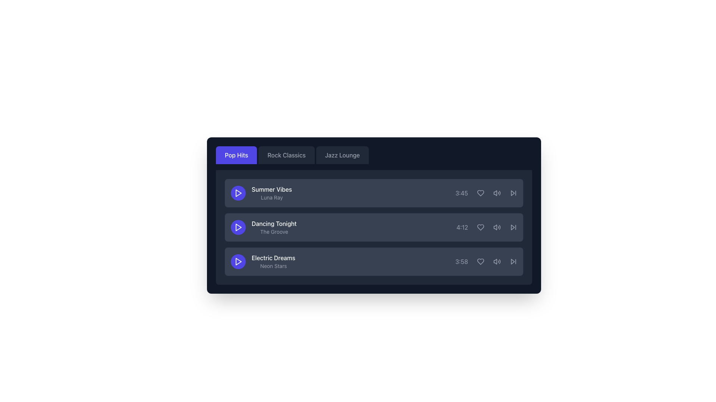  Describe the element at coordinates (512, 193) in the screenshot. I see `the skip-forward icon located in the playback controls section of the third song in the list` at that location.